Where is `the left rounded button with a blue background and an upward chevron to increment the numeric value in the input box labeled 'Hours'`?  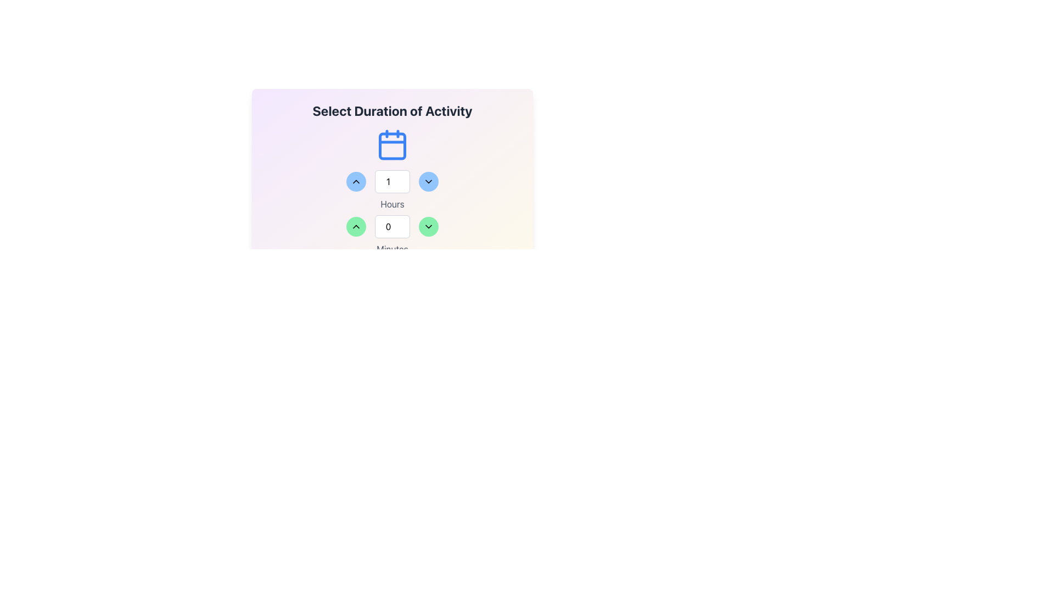
the left rounded button with a blue background and an upward chevron to increment the numeric value in the input box labeled 'Hours' is located at coordinates (356, 181).